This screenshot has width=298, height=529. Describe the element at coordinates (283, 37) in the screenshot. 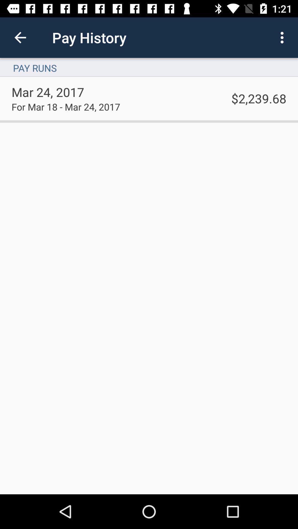

I see `item next to pay history` at that location.